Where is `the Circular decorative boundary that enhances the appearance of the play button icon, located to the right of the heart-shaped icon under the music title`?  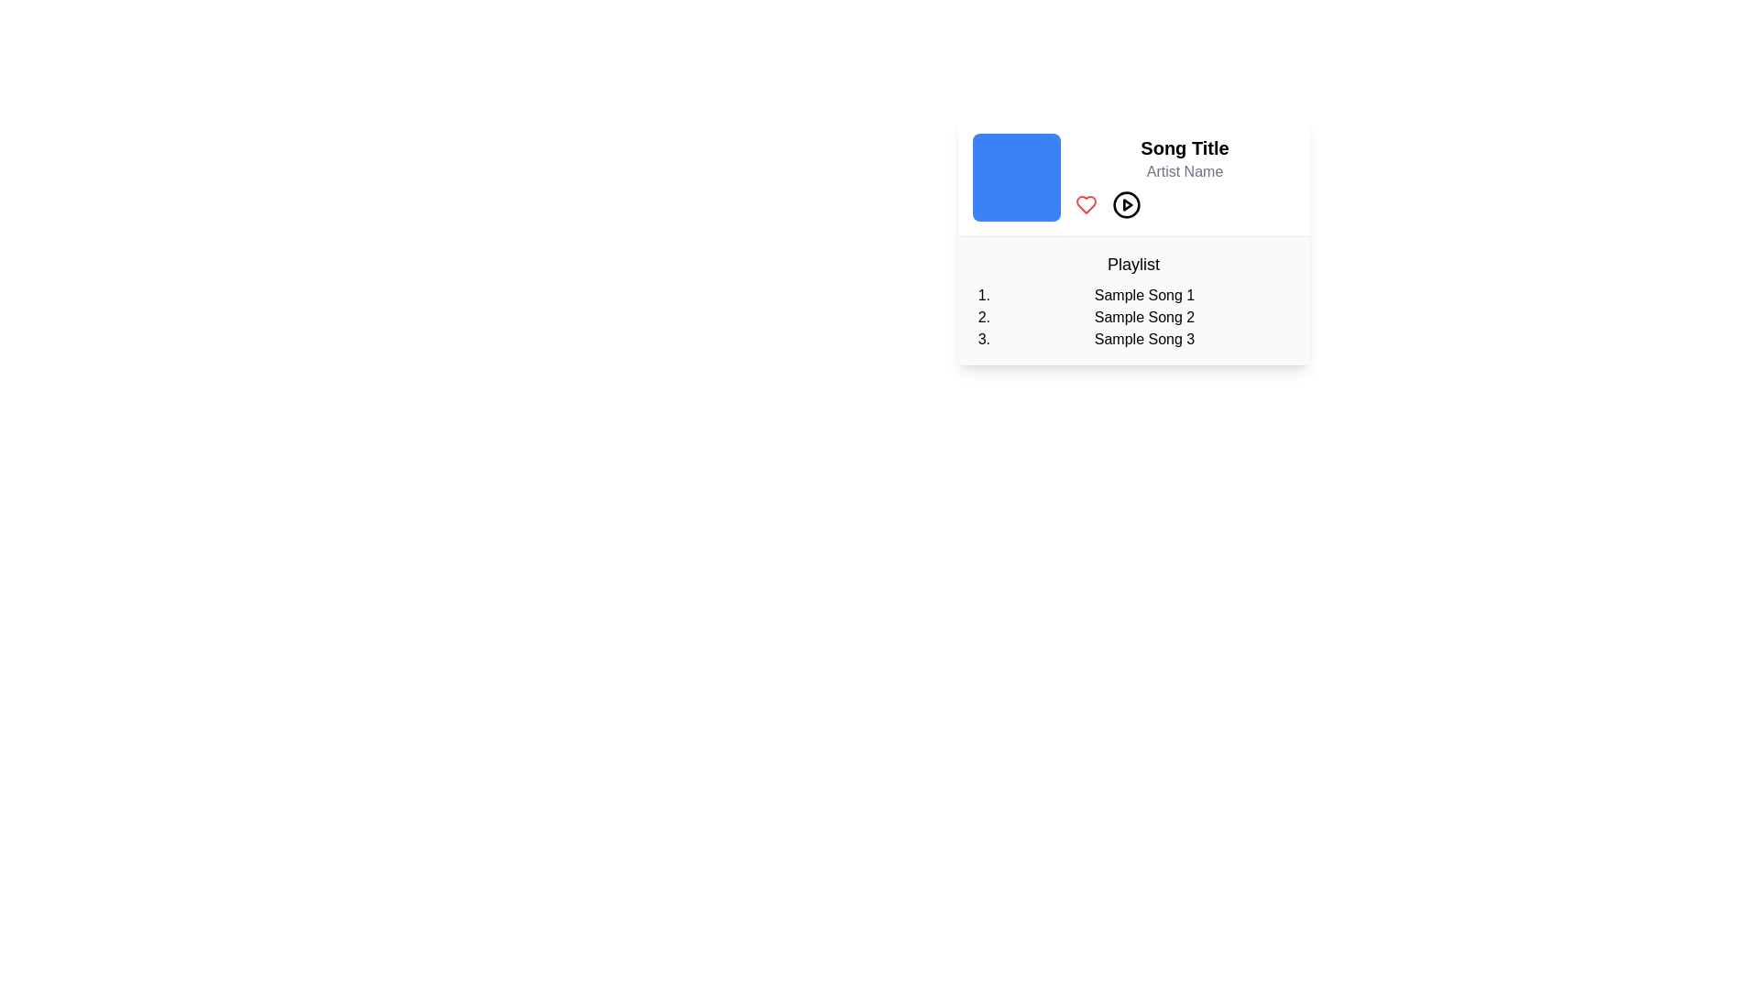 the Circular decorative boundary that enhances the appearance of the play button icon, located to the right of the heart-shaped icon under the music title is located at coordinates (1125, 204).